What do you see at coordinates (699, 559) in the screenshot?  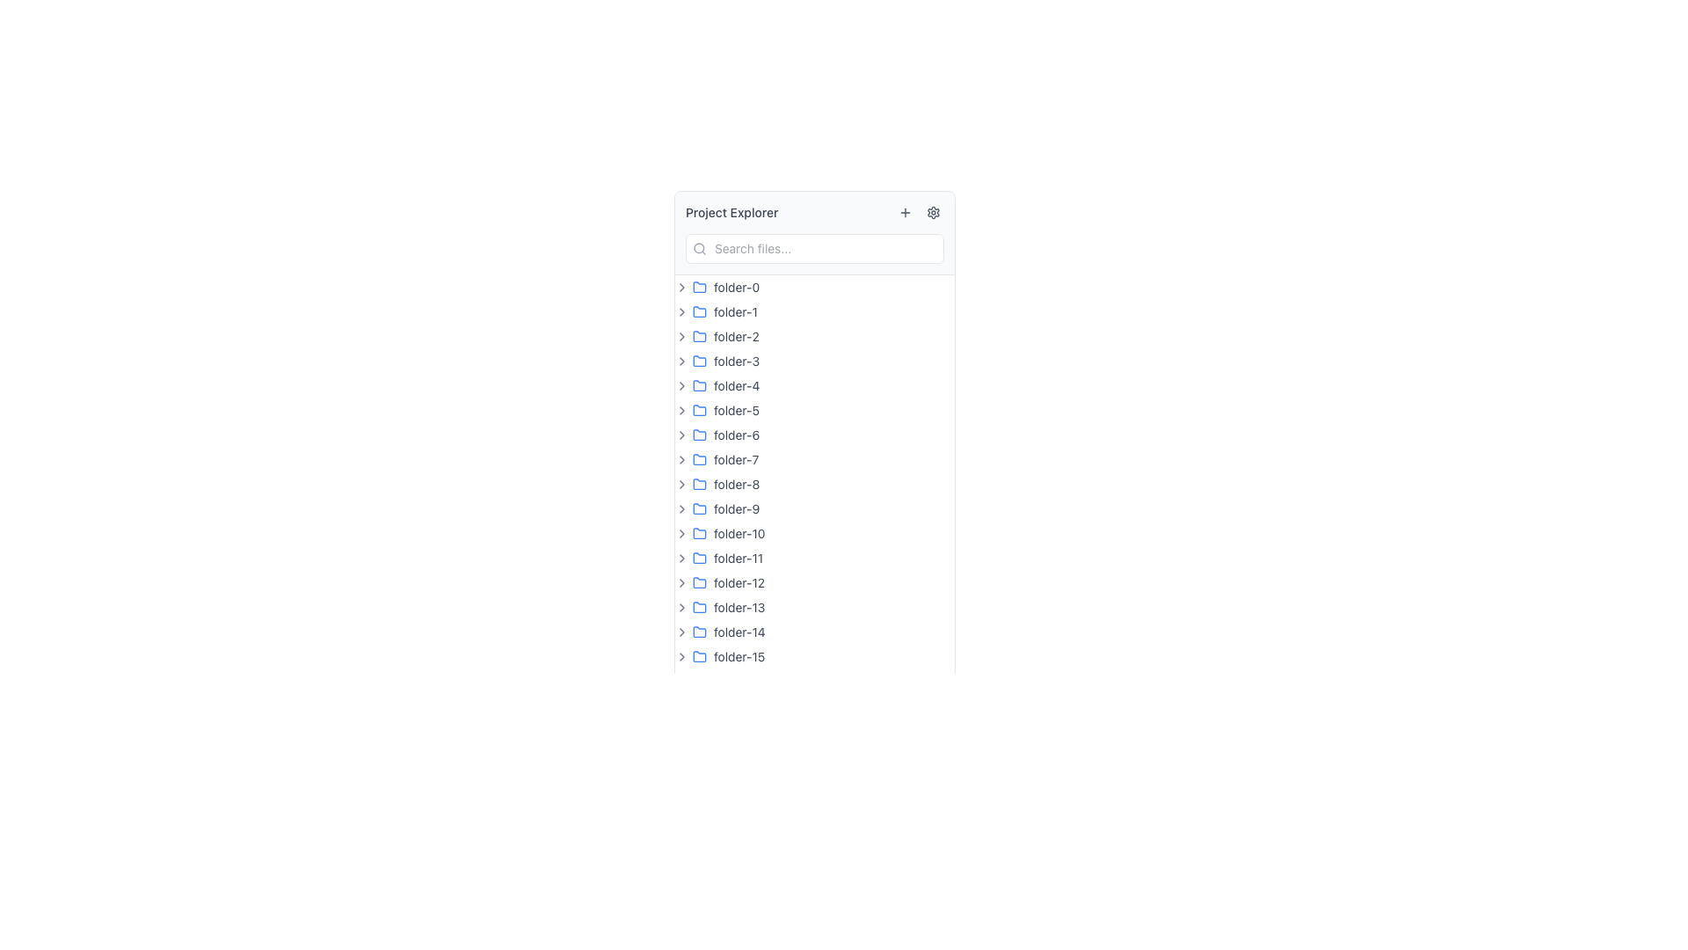 I see `the folder icon located in the Project Explorer section, which represents a navigable file directory for 'folder-11'` at bounding box center [699, 559].